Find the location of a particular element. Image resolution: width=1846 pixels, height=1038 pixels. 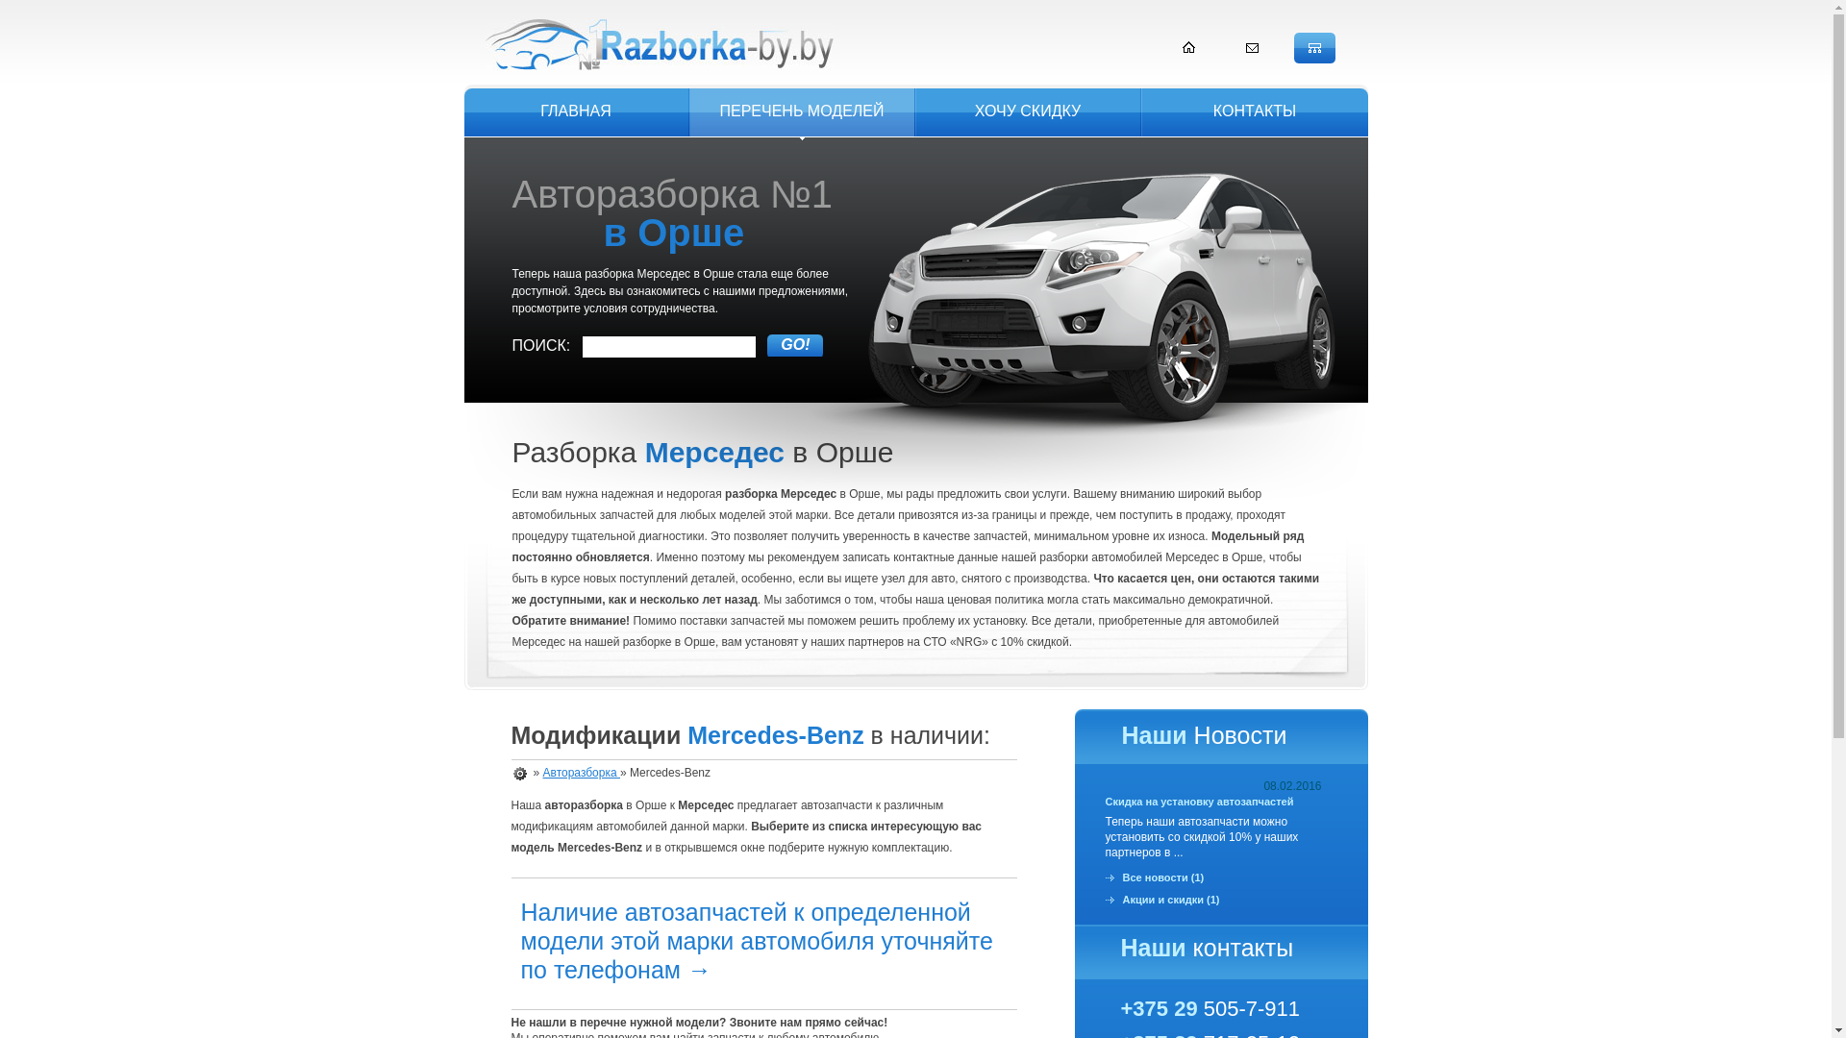

'GO!' is located at coordinates (794, 344).